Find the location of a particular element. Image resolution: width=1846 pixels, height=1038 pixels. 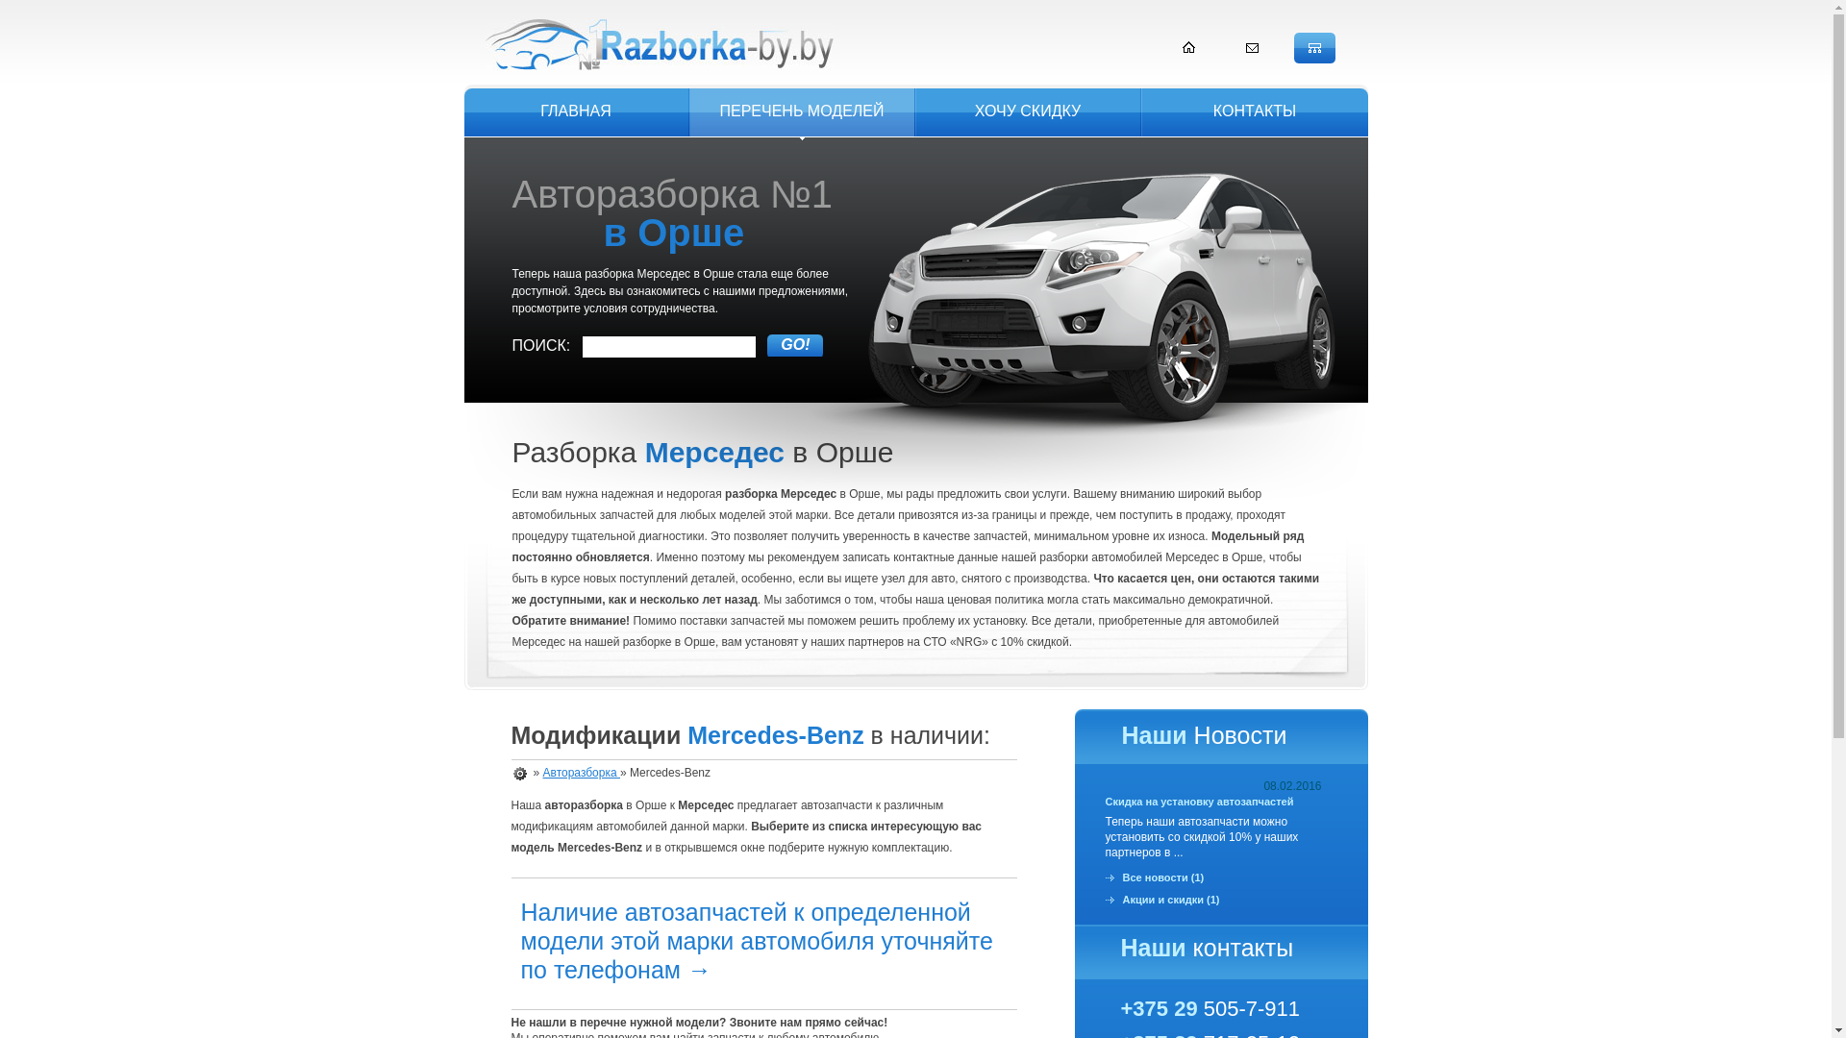

'GO!' is located at coordinates (794, 344).